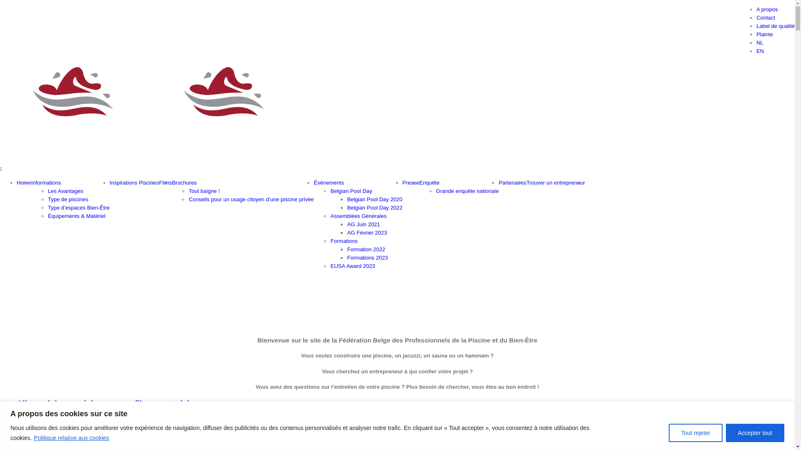 This screenshot has width=801, height=450. I want to click on 'Belgian Pool Day 2020', so click(347, 199).